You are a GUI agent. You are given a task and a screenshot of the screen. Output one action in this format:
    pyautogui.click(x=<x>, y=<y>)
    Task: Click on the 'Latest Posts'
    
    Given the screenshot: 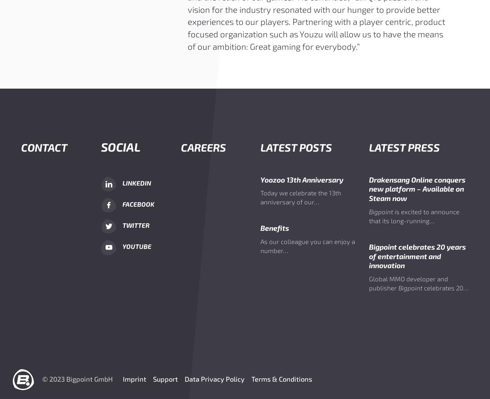 What is the action you would take?
    pyautogui.click(x=296, y=147)
    